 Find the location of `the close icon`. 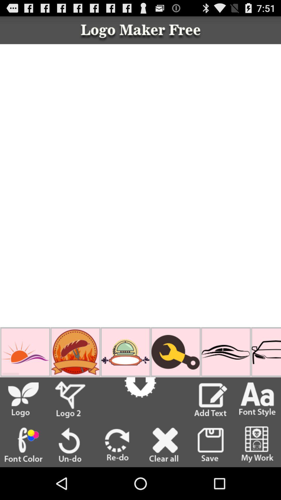

the close icon is located at coordinates (163, 476).